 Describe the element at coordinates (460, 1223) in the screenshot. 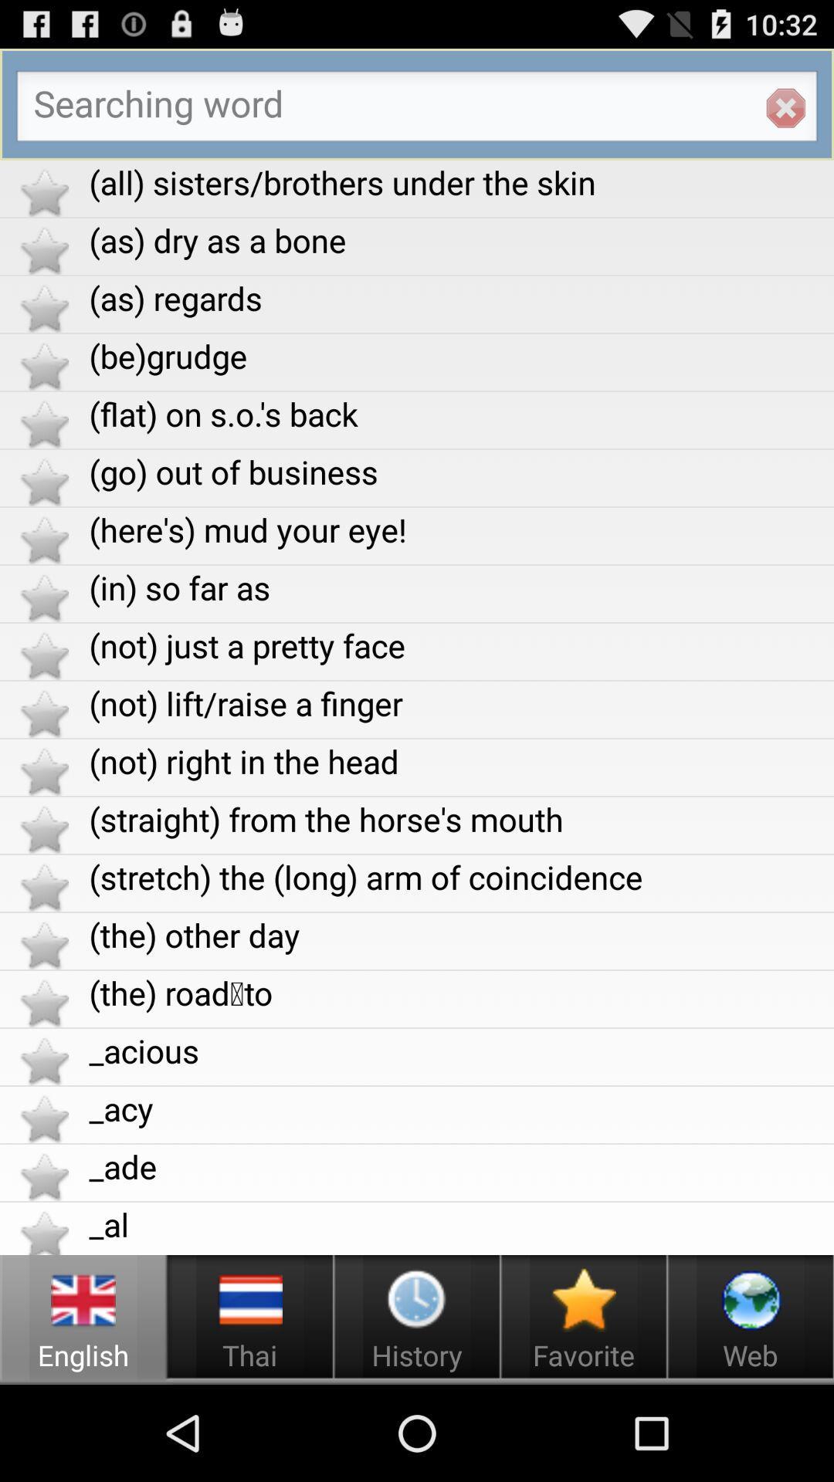

I see `_al` at that location.